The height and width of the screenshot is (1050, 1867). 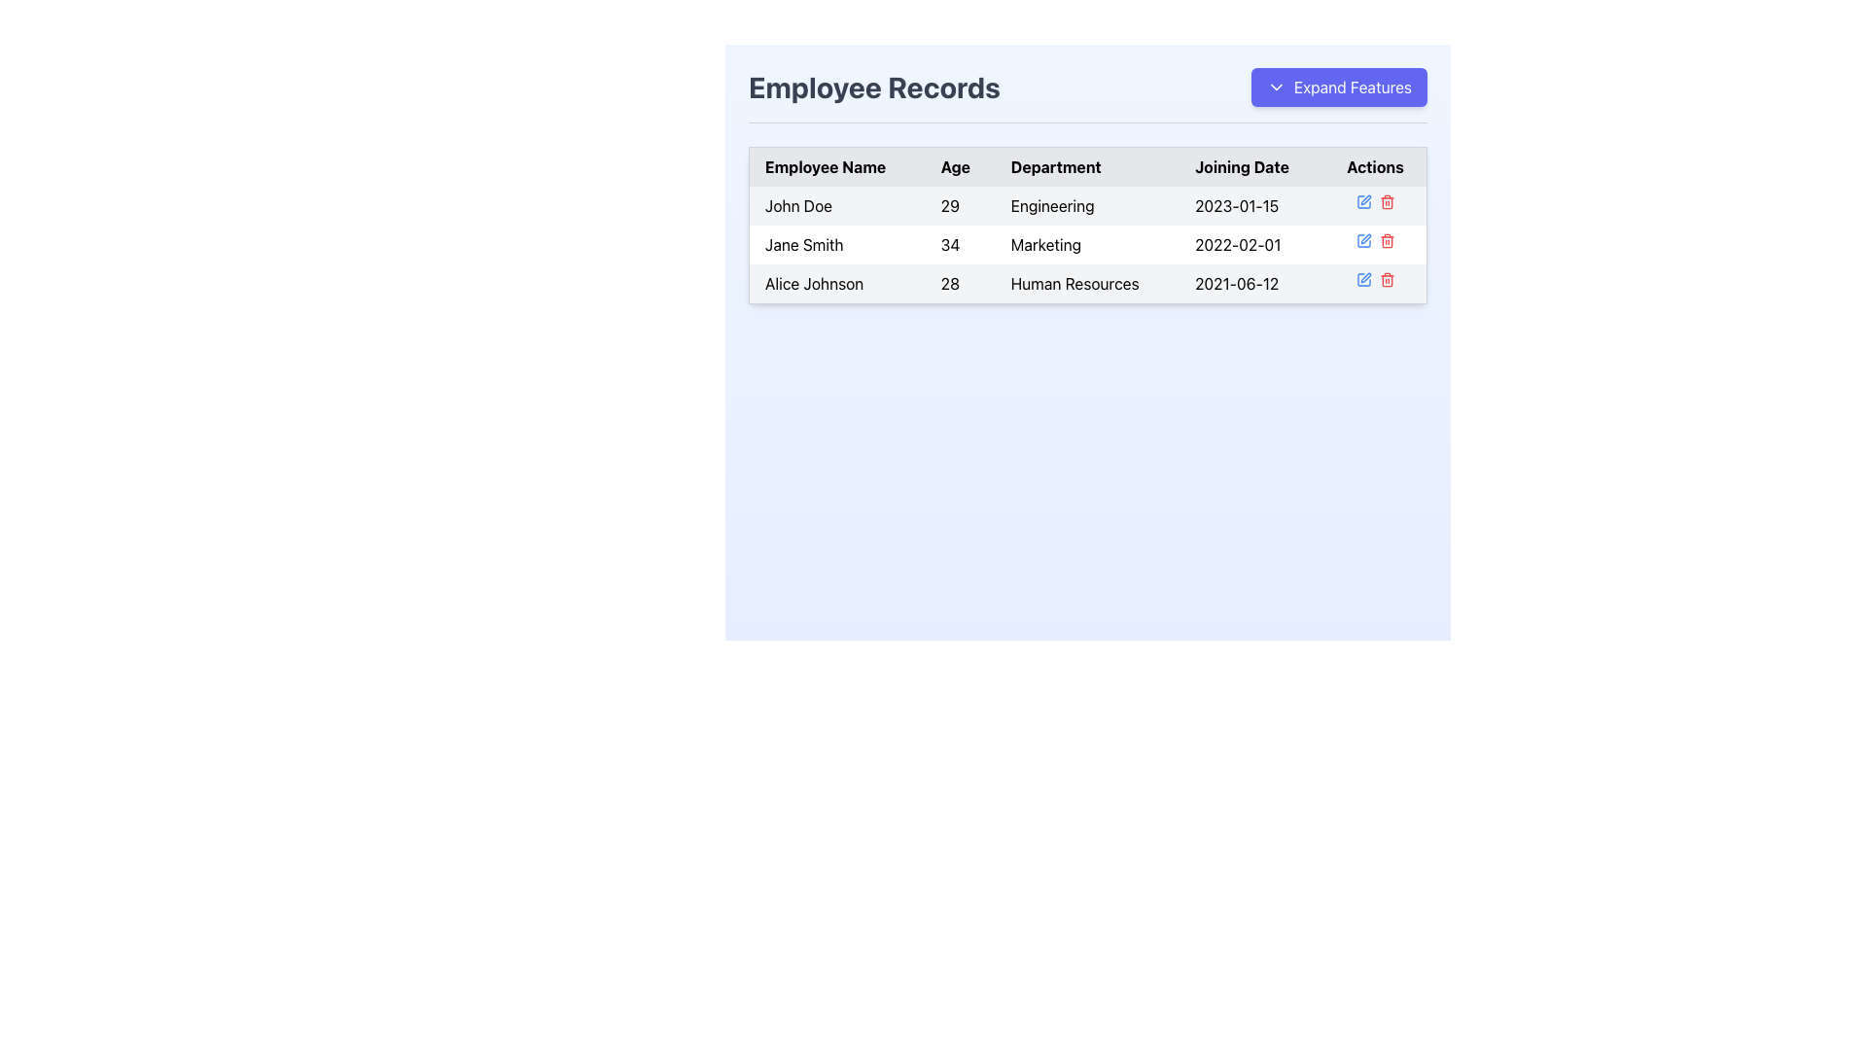 What do you see at coordinates (1362, 280) in the screenshot?
I see `the edit button icon in the Actions column of the Employee Records table corresponding to Alice Johnson` at bounding box center [1362, 280].